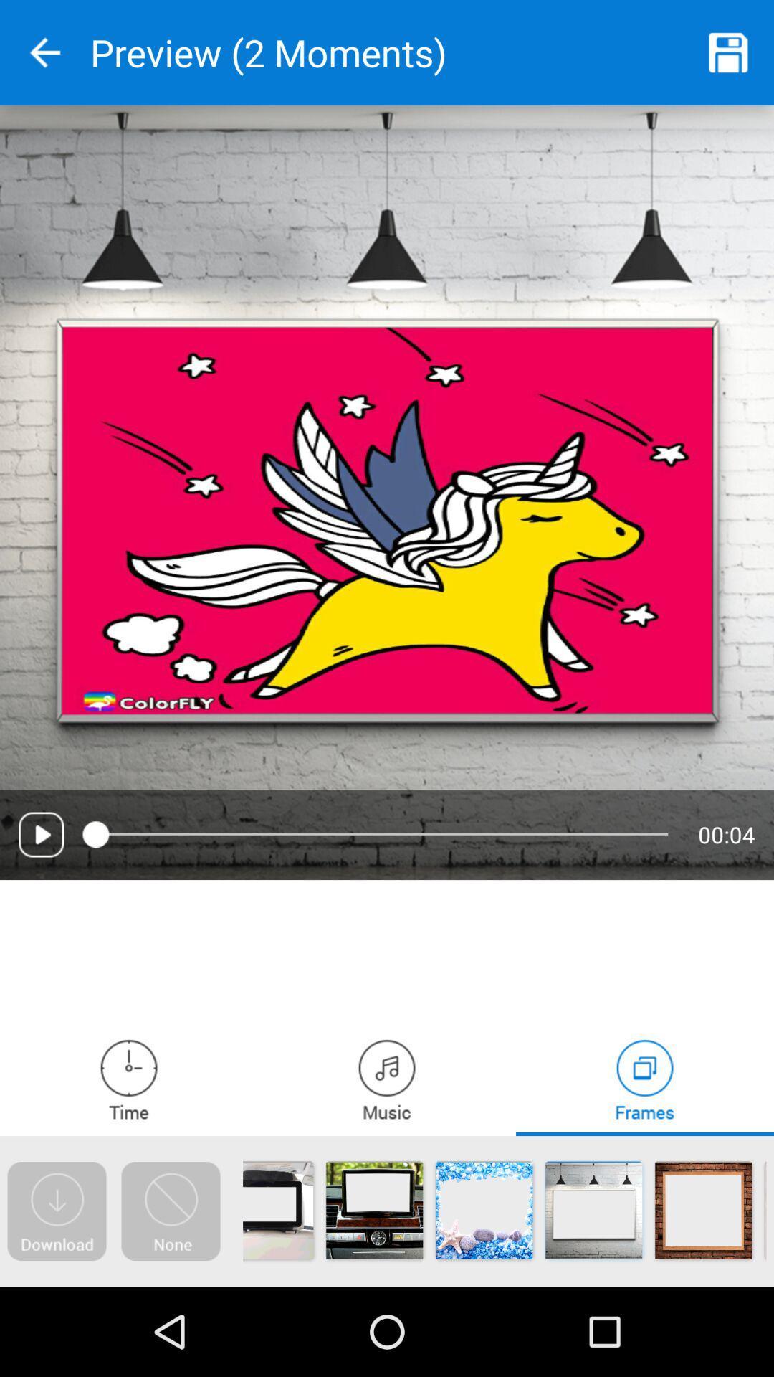 The image size is (774, 1377). Describe the element at coordinates (387, 1079) in the screenshot. I see `the music` at that location.